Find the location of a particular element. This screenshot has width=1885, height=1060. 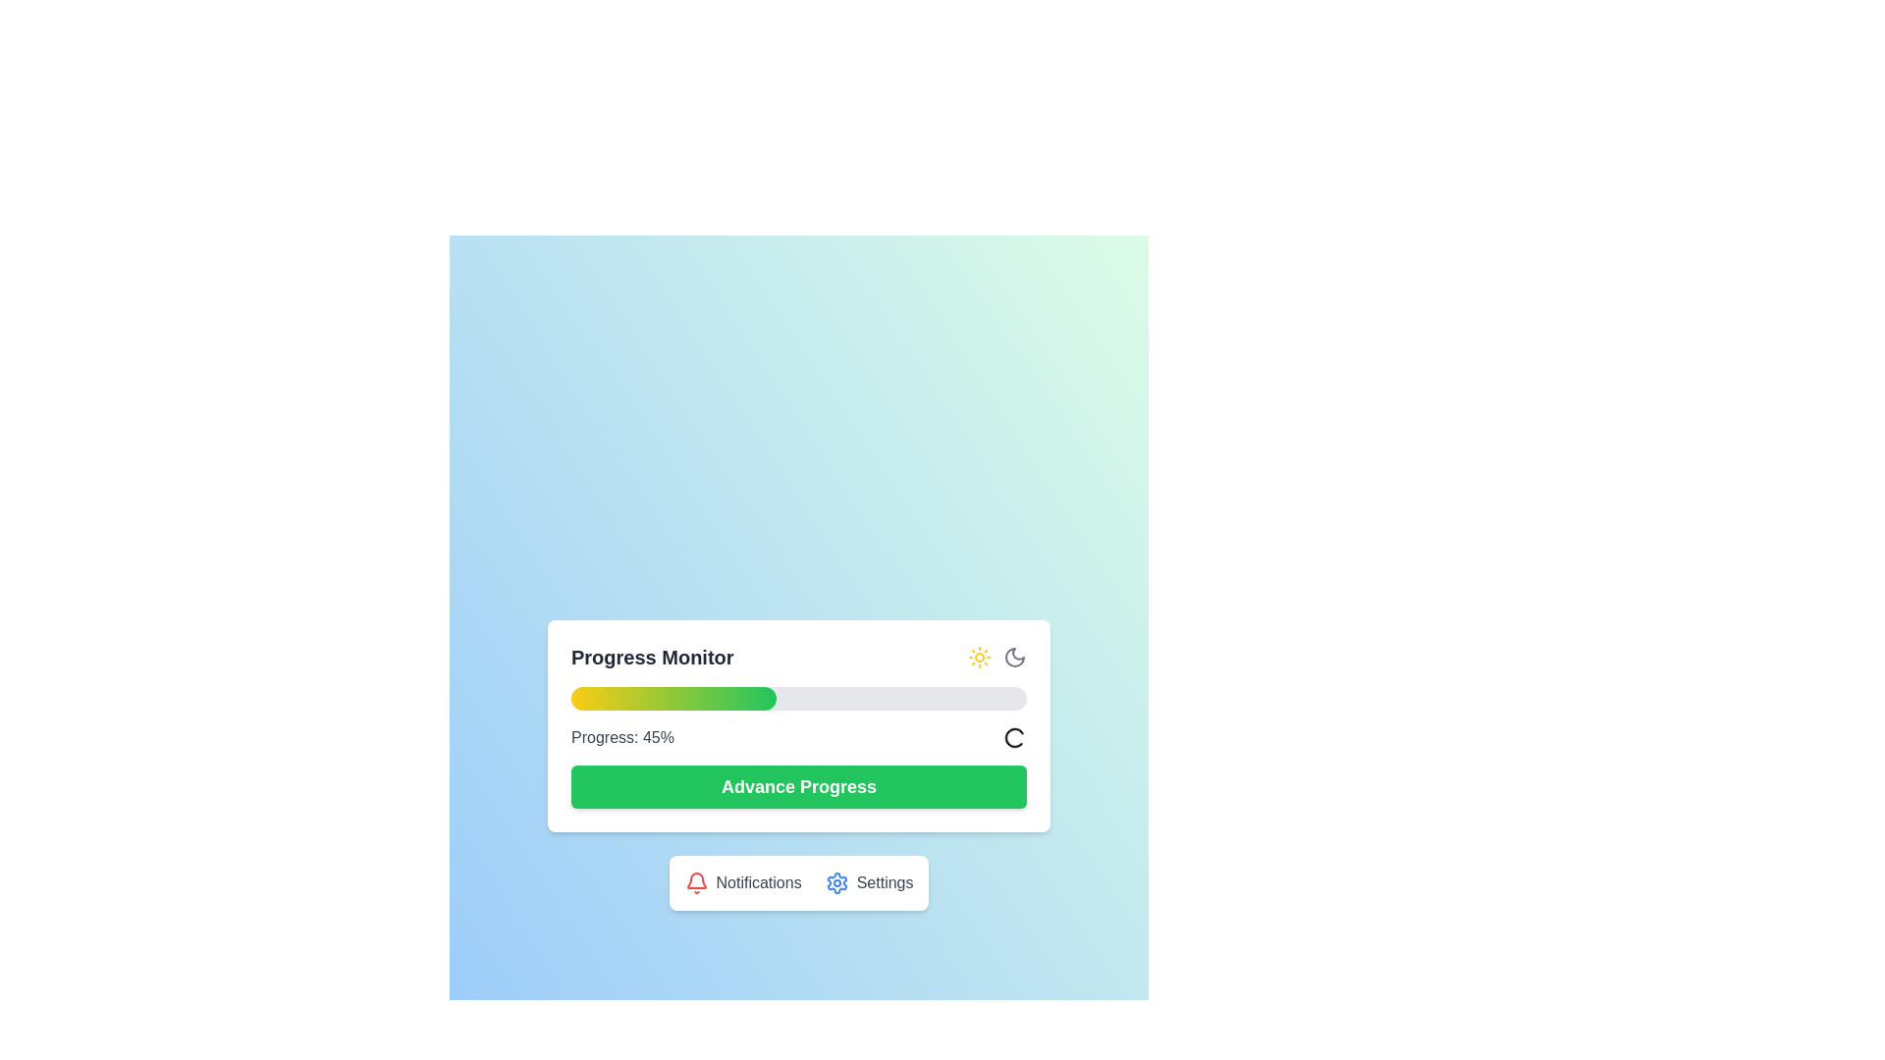

the Loader icon located in the top-right corner of the 'Progress Monitor' card, next to the progress description and the 'Advance Progress' button is located at coordinates (1014, 738).